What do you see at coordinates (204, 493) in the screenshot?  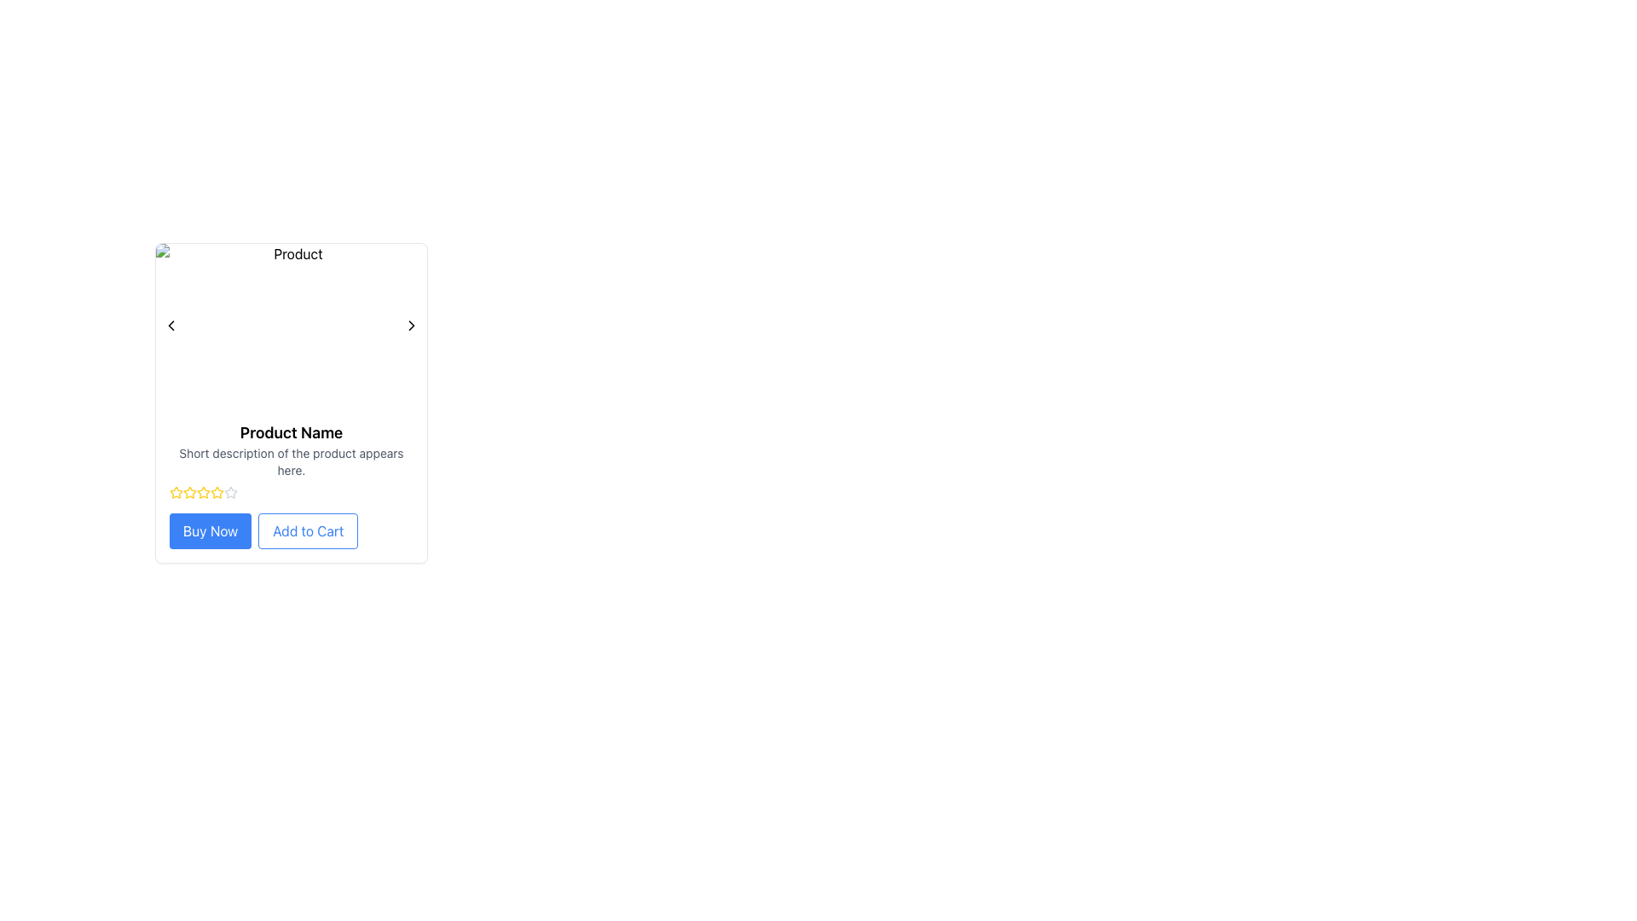 I see `the fifth star icon in the product rating system located at the lower section of the card interface beneath the product description text` at bounding box center [204, 493].